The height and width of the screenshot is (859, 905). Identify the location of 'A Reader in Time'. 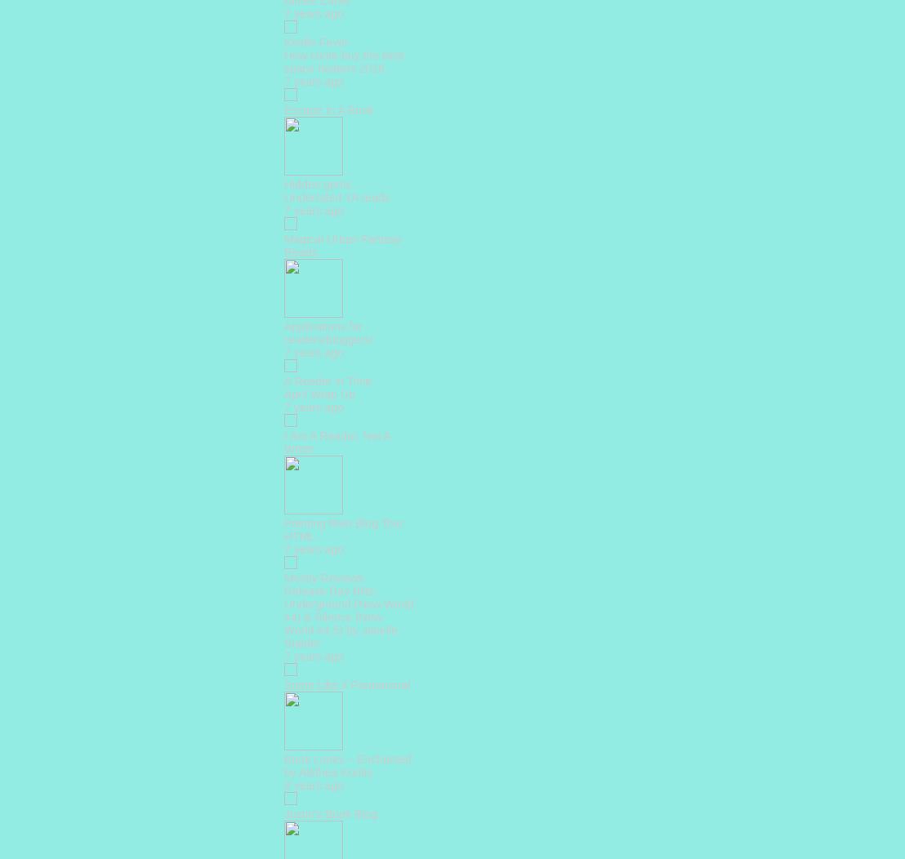
(328, 381).